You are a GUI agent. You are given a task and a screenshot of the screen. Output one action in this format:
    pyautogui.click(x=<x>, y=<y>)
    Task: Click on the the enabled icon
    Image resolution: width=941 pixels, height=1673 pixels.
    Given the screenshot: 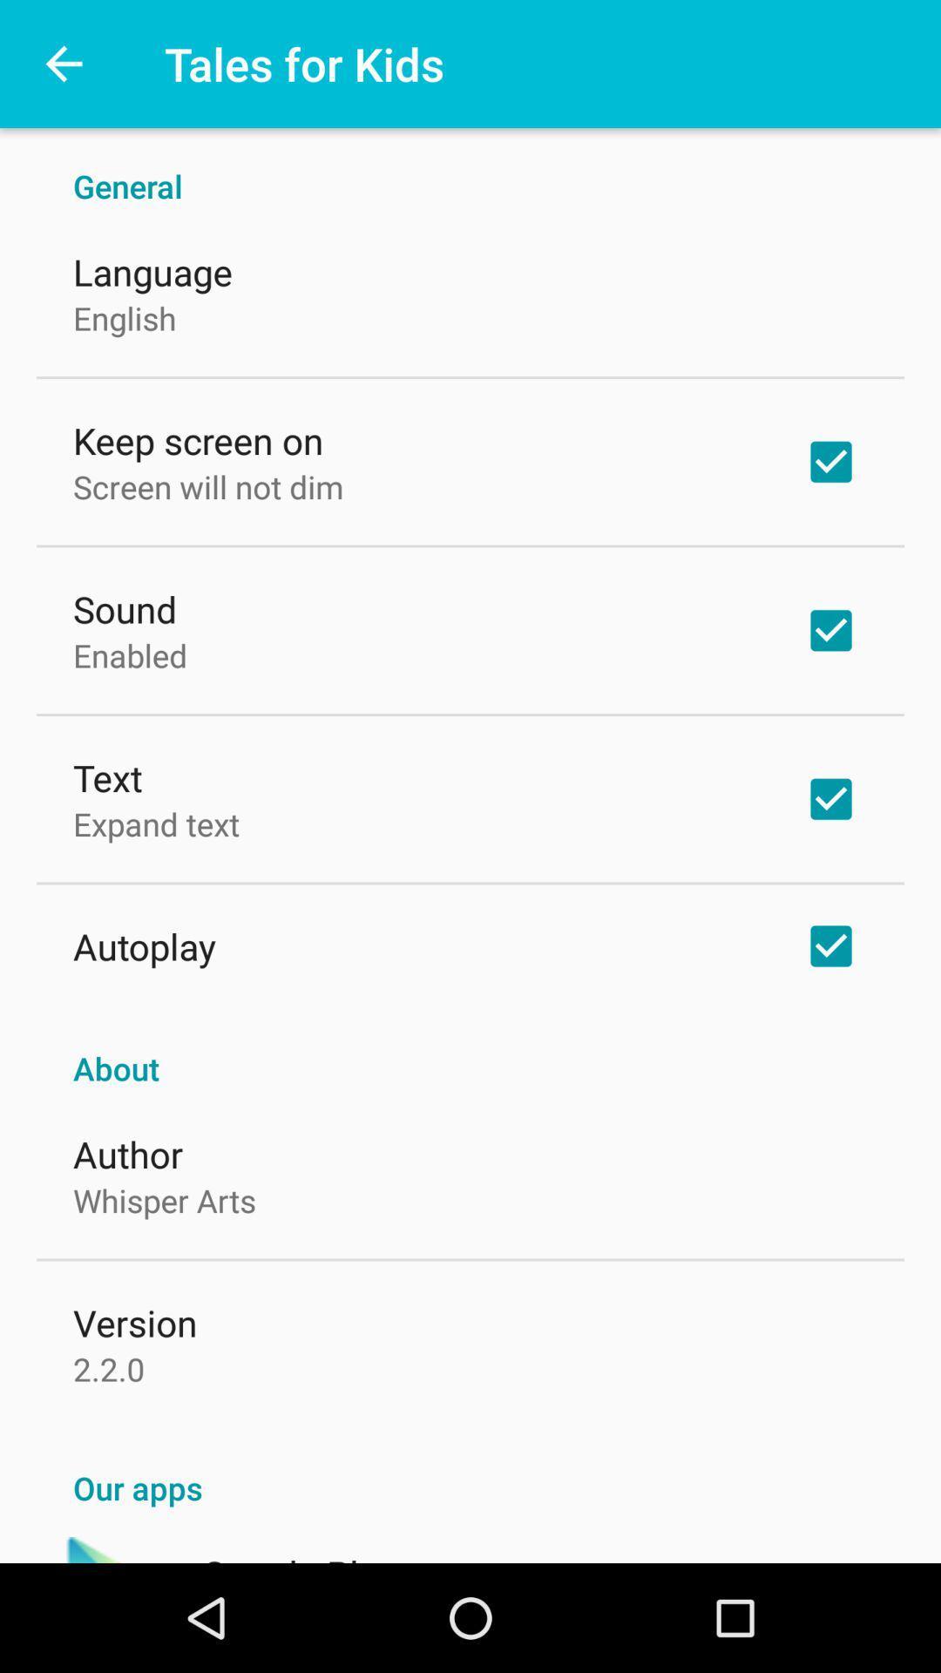 What is the action you would take?
    pyautogui.click(x=129, y=654)
    